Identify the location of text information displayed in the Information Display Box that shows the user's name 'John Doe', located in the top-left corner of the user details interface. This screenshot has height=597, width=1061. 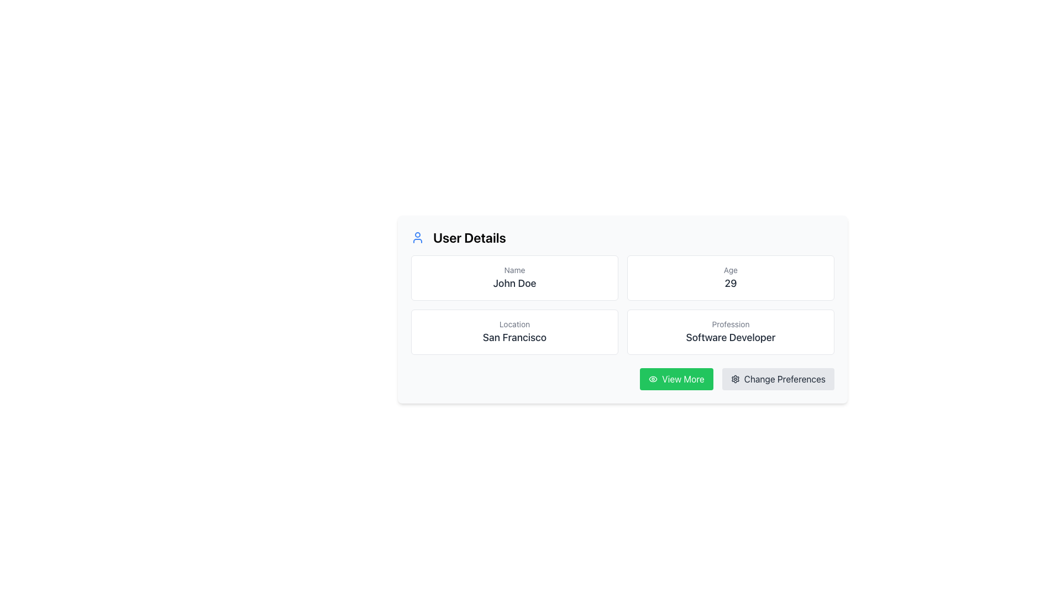
(514, 277).